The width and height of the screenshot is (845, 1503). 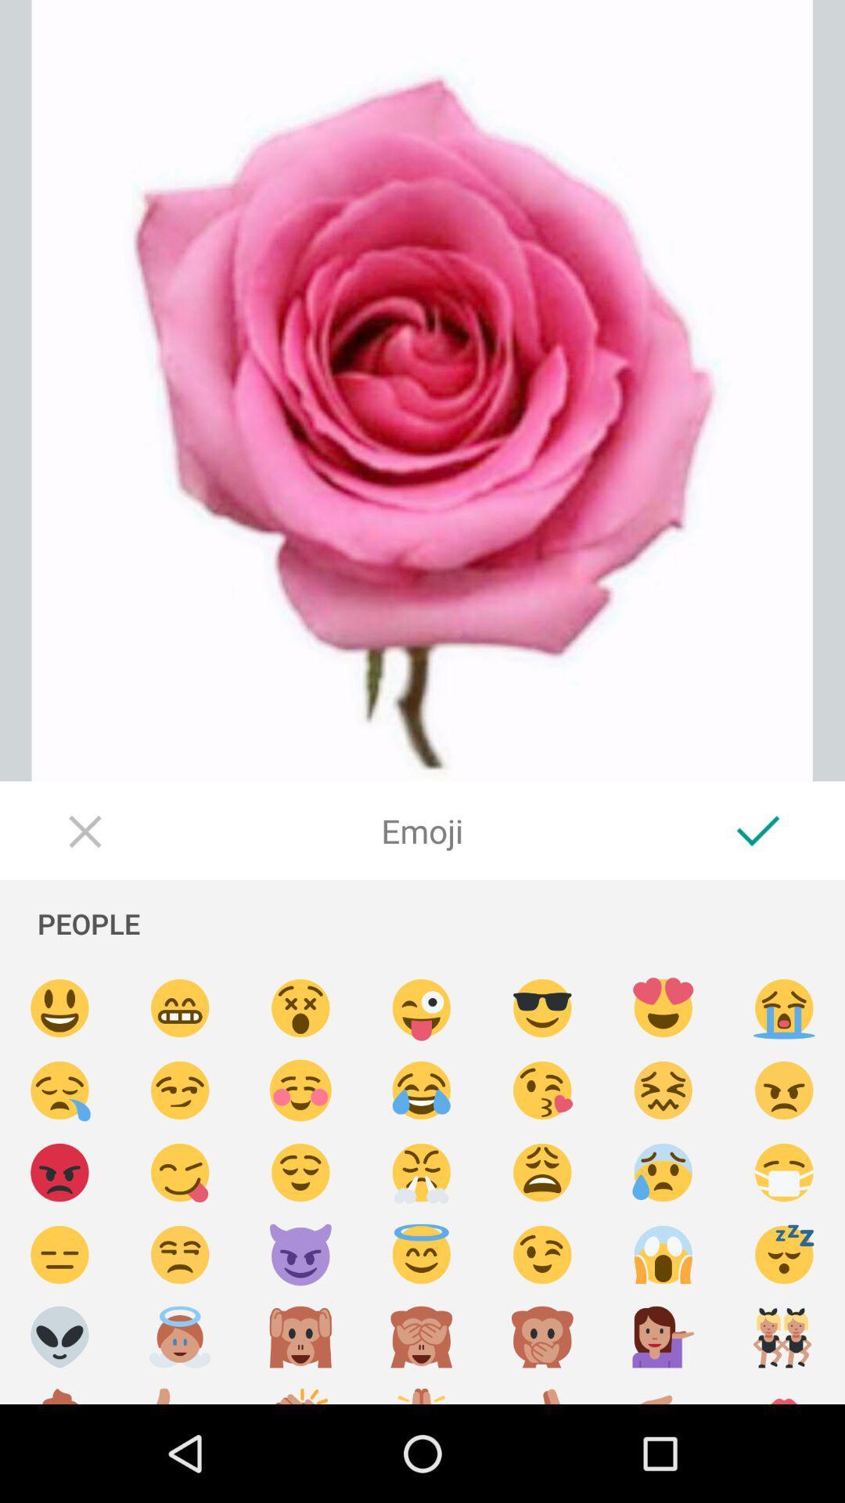 What do you see at coordinates (179, 1090) in the screenshot?
I see `emoji` at bounding box center [179, 1090].